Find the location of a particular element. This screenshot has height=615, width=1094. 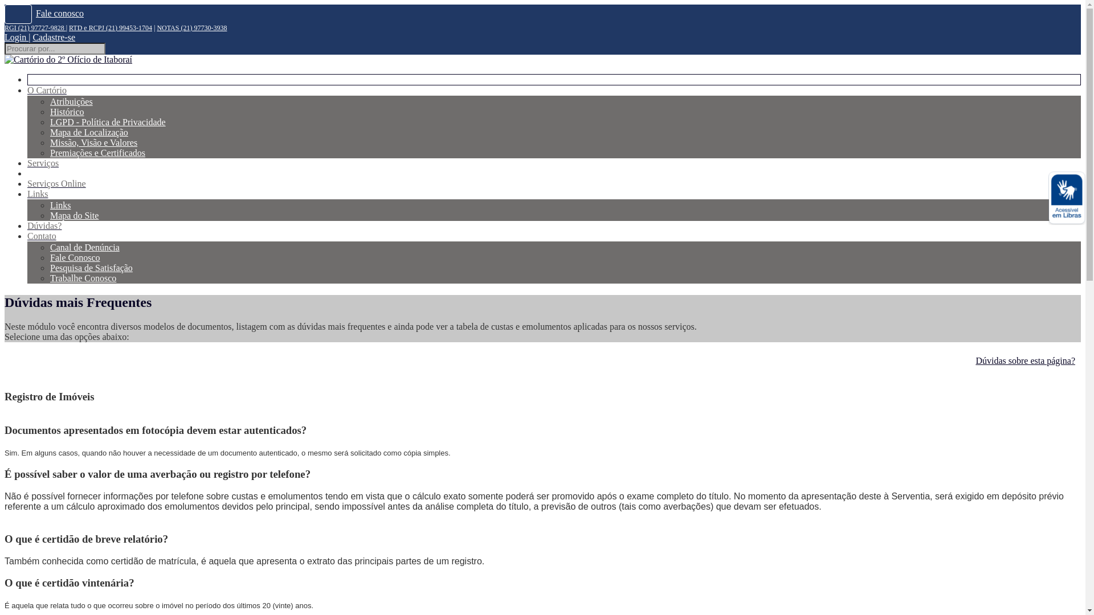

'Instagram' is located at coordinates (18, 14).